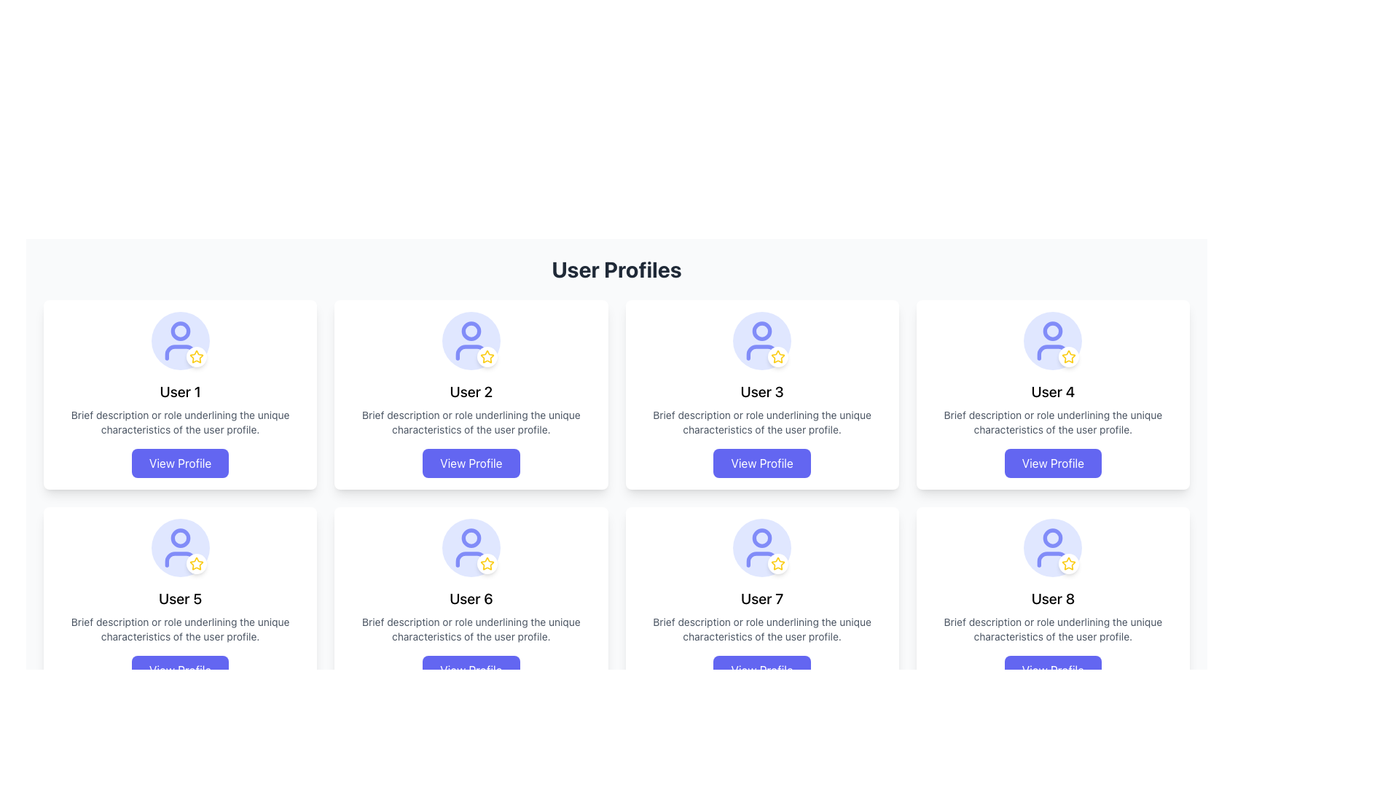 The image size is (1399, 787). What do you see at coordinates (471, 331) in the screenshot?
I see `the circular profile icon representing the head of the user silhouette for 'User 2'` at bounding box center [471, 331].